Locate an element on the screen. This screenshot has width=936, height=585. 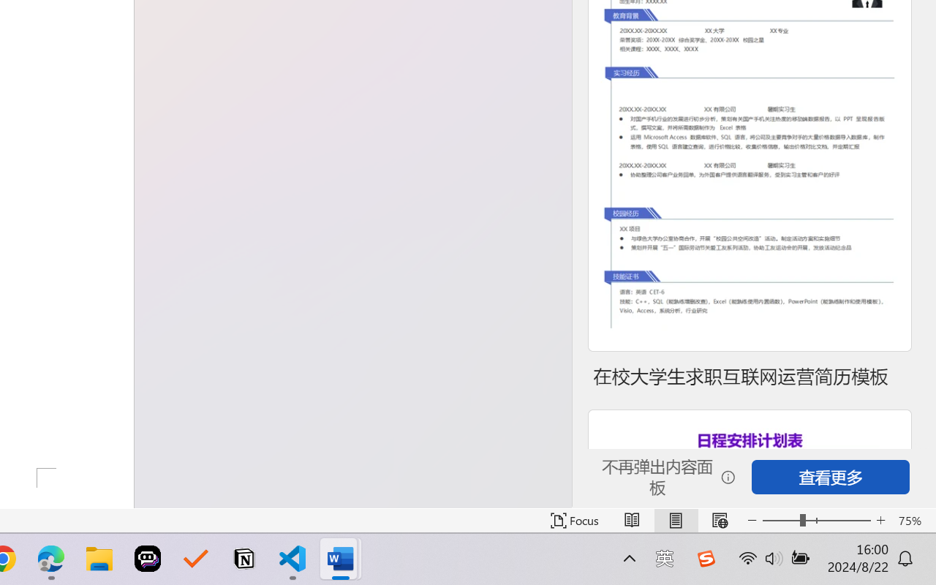
'Read Mode' is located at coordinates (632, 520).